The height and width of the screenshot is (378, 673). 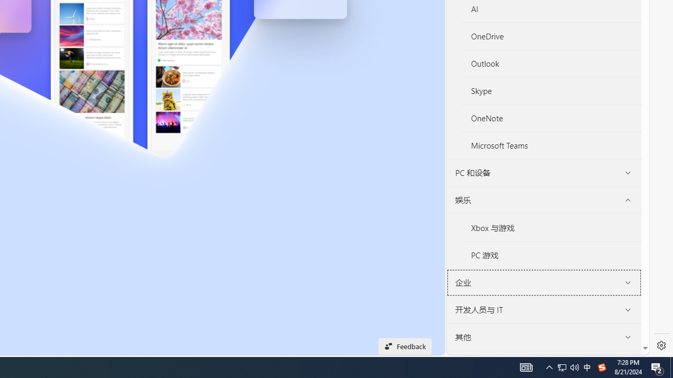 What do you see at coordinates (551, 145) in the screenshot?
I see `'Microsoft Teams'` at bounding box center [551, 145].